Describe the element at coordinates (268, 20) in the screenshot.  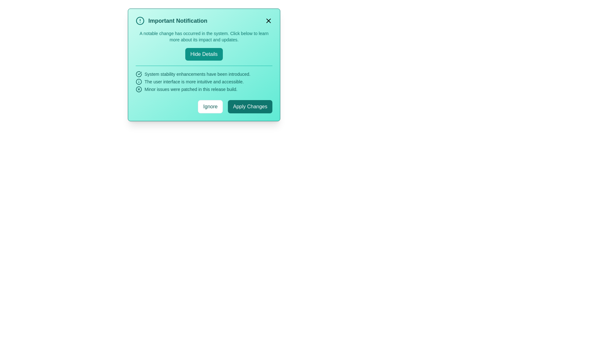
I see `the close button located` at that location.